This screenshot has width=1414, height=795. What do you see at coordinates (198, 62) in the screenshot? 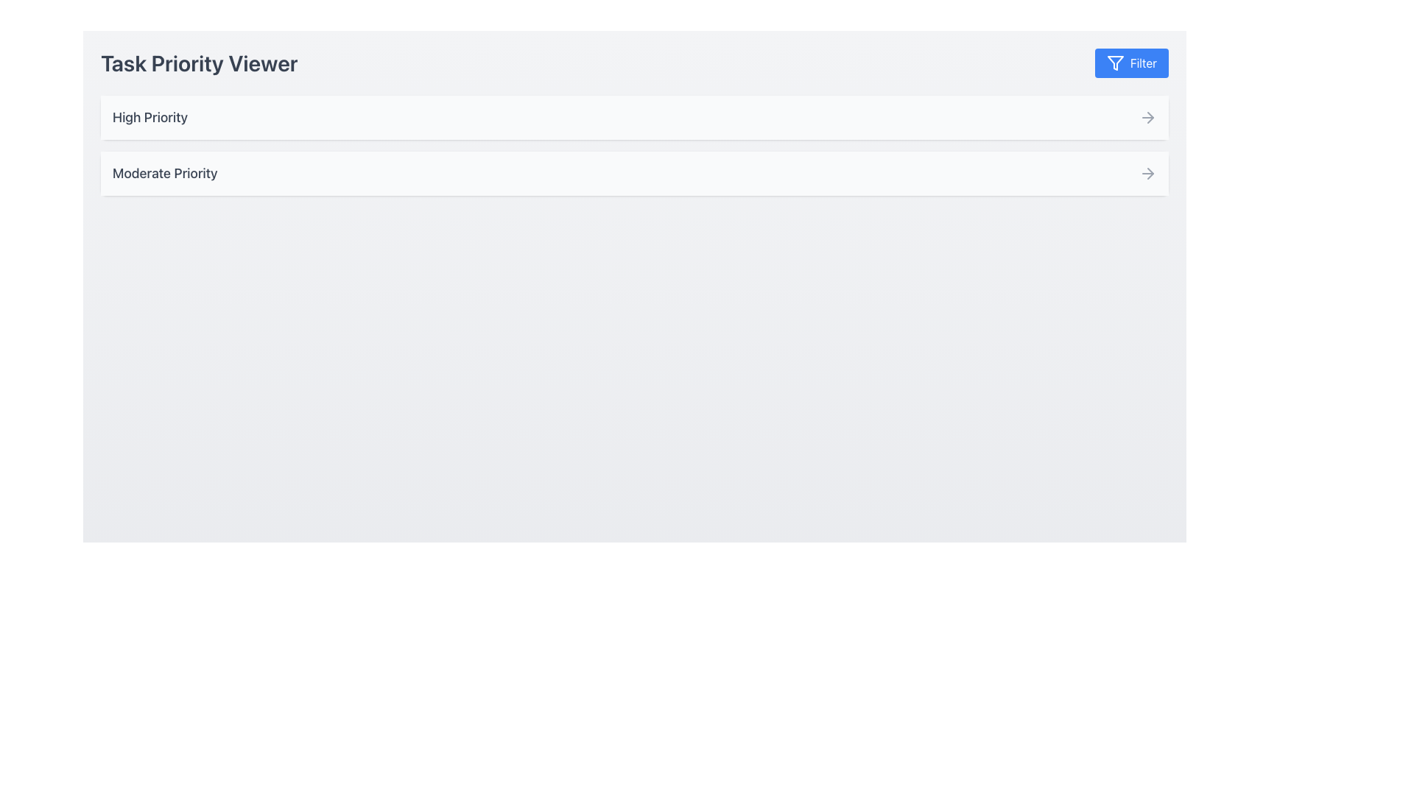
I see `the Text Label that serves as a title or header indicating the purpose of the interface for displaying task priorities, which is positioned on the far left of the header bar` at bounding box center [198, 62].